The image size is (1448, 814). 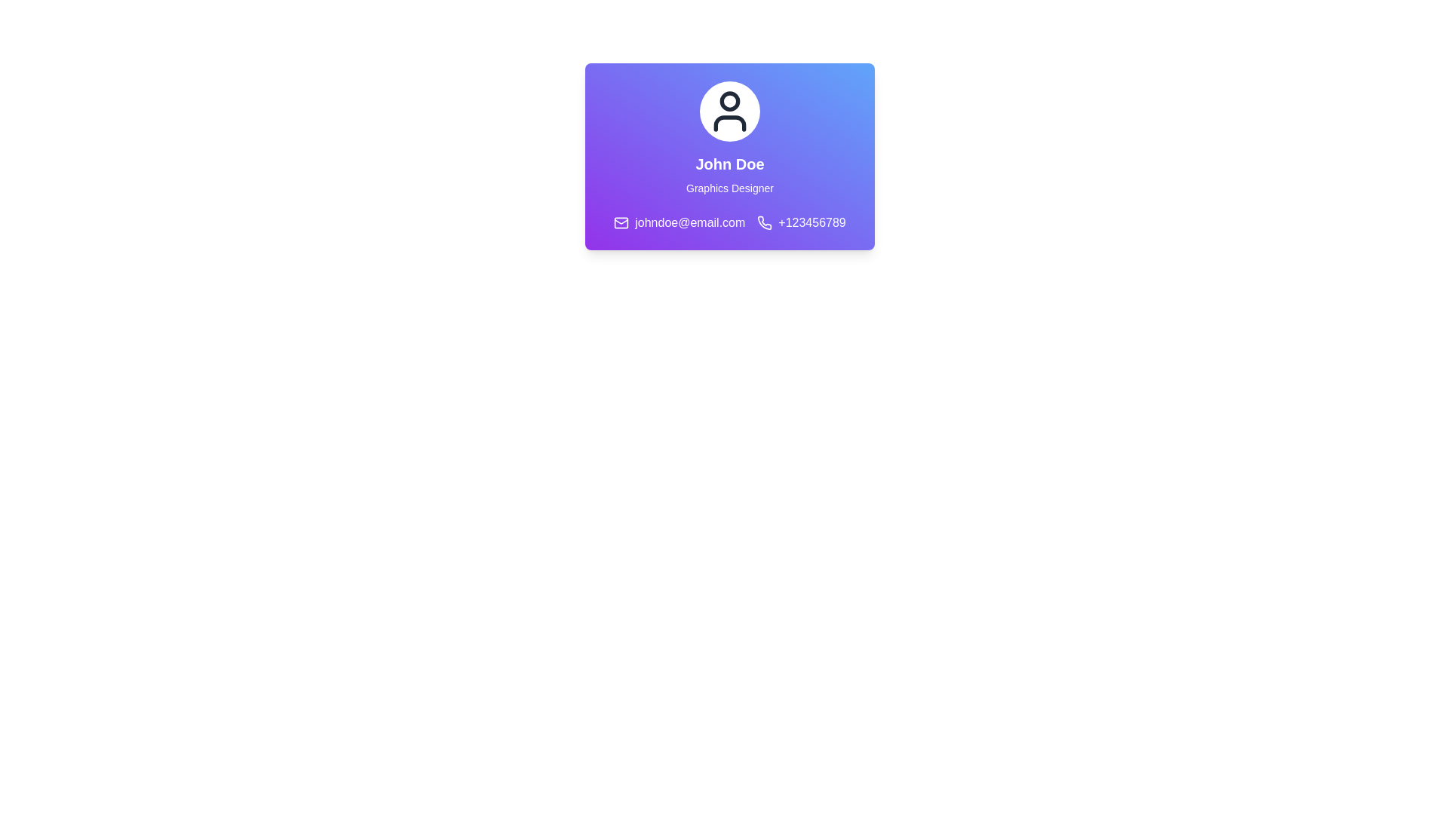 What do you see at coordinates (730, 110) in the screenshot?
I see `the user avatar or profile icon located at the top center of the card with a gradient blue-to-purple background` at bounding box center [730, 110].